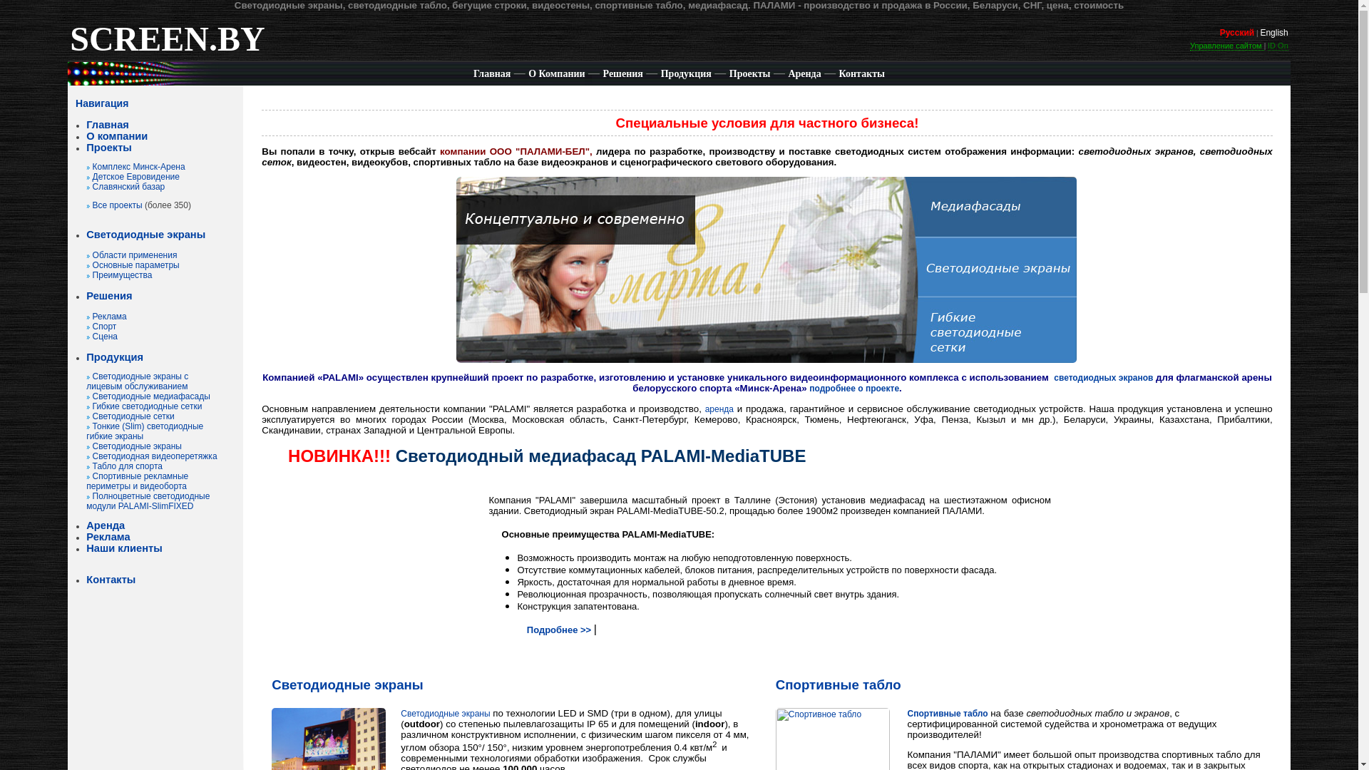 The width and height of the screenshot is (1369, 770). I want to click on 'ID On', so click(1267, 45).